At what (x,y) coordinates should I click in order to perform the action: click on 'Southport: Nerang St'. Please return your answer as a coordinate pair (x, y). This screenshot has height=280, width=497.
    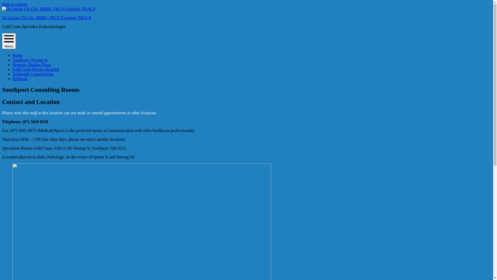
    Looking at the image, I should click on (30, 60).